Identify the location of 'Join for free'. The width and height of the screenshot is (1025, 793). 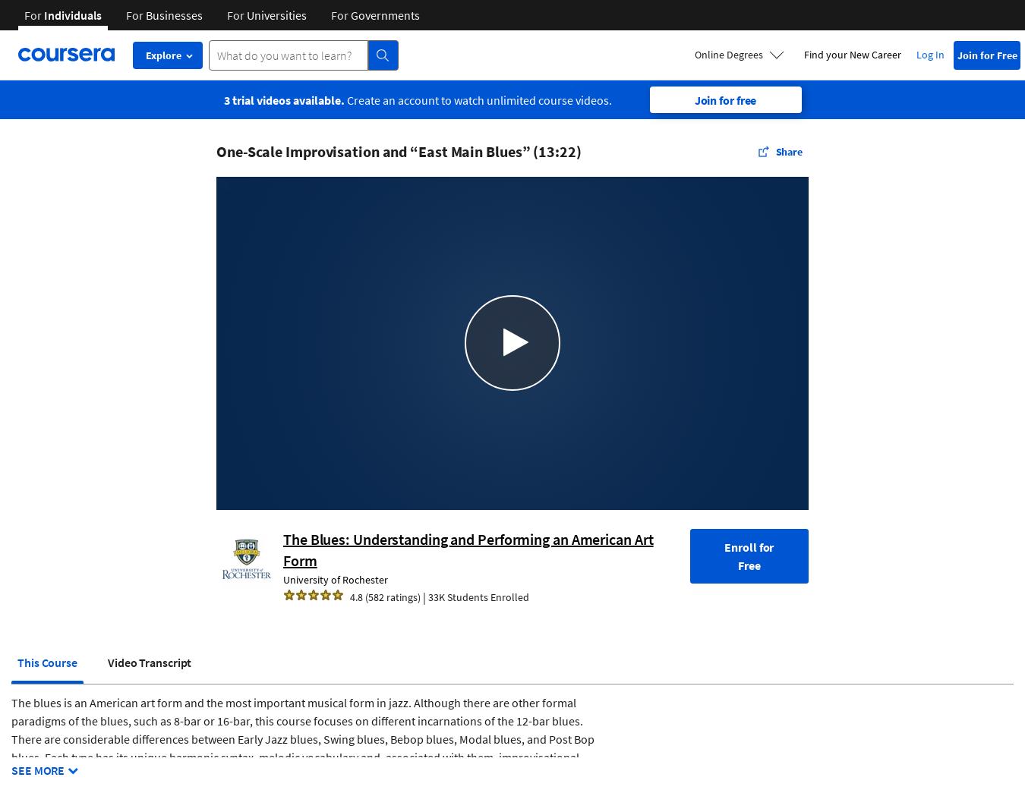
(724, 99).